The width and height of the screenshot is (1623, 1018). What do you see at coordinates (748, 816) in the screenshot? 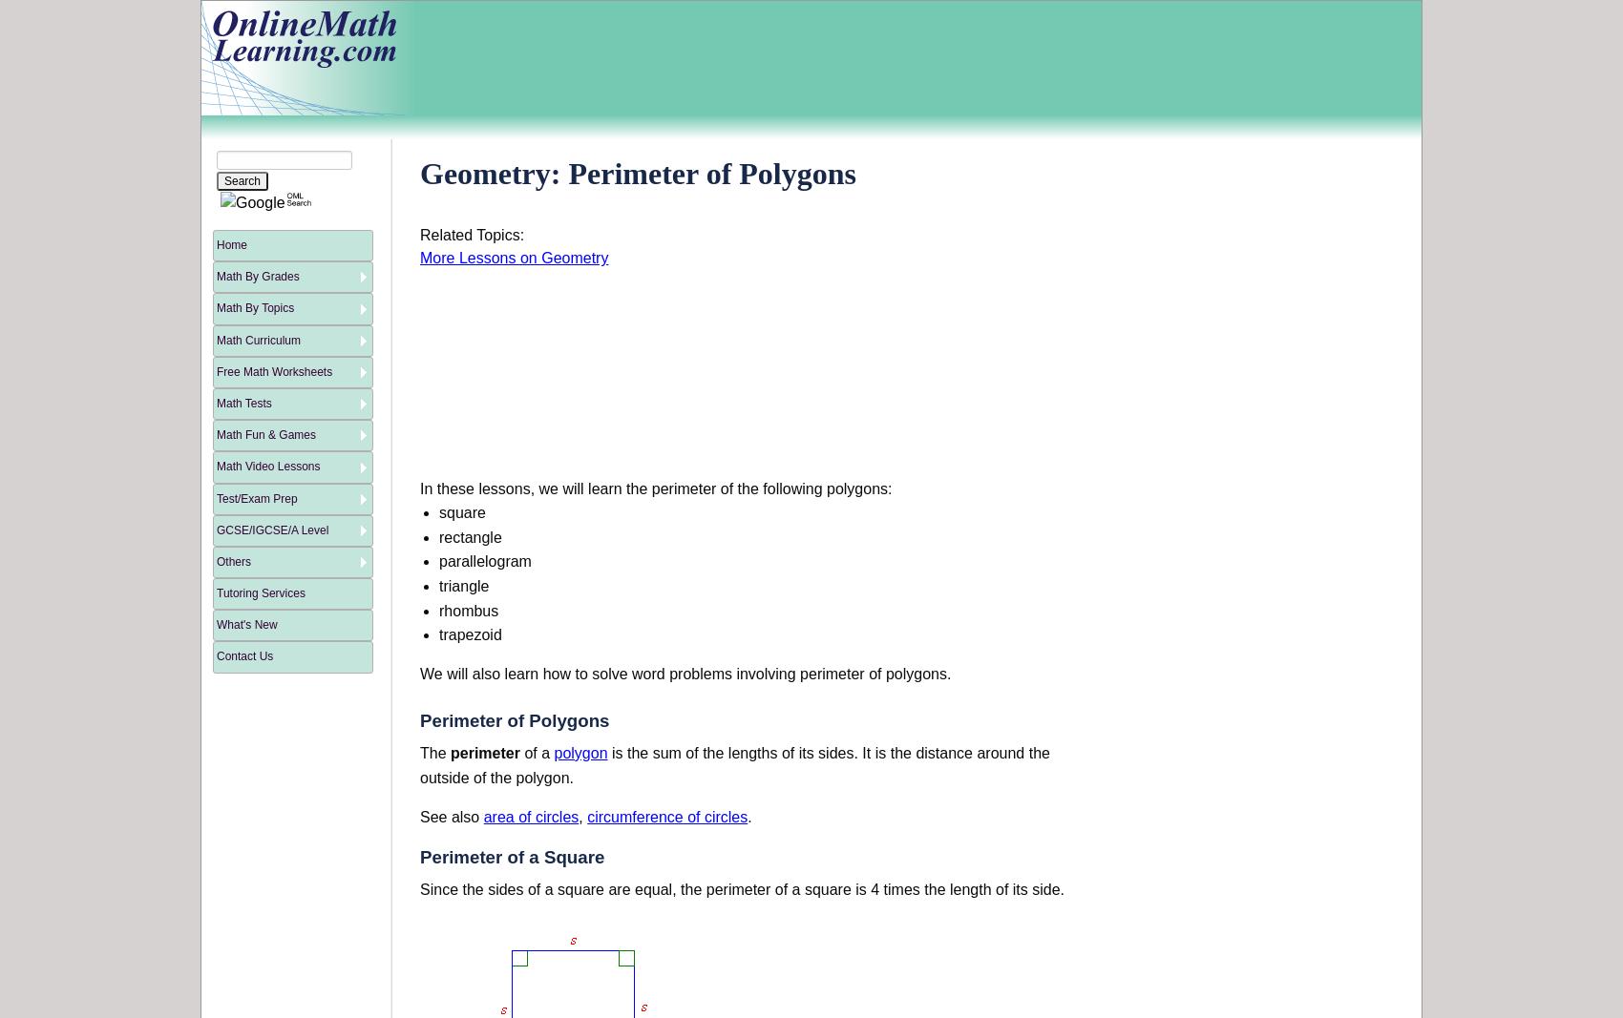
I see `'.'` at bounding box center [748, 816].